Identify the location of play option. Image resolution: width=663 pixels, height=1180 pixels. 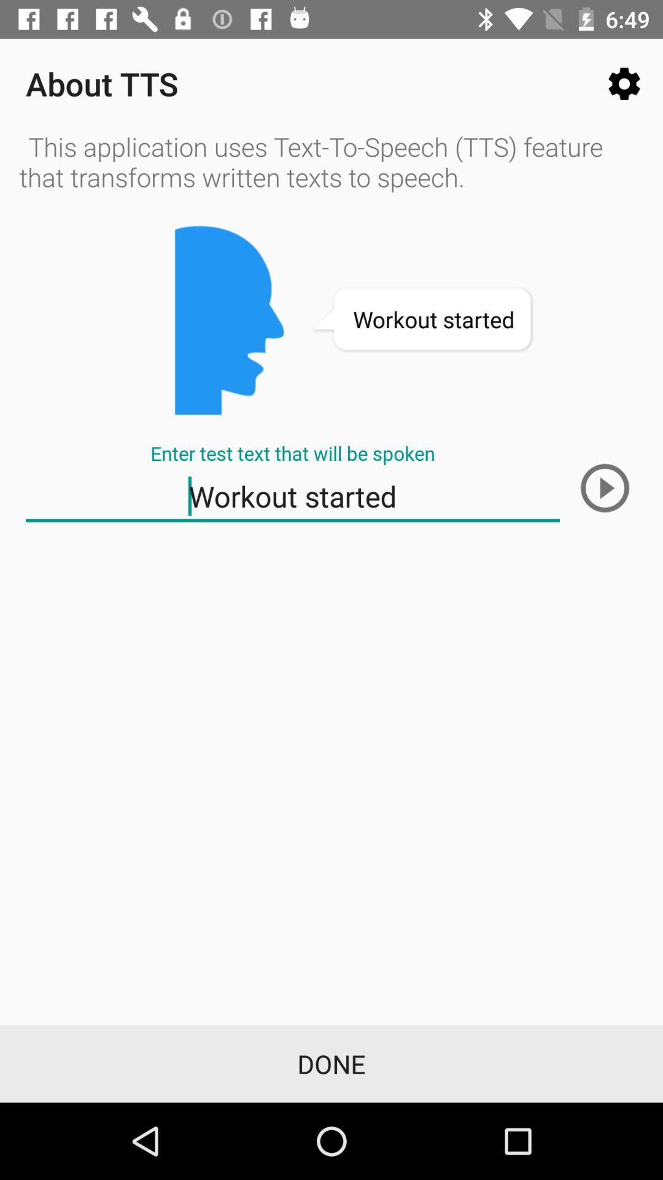
(604, 487).